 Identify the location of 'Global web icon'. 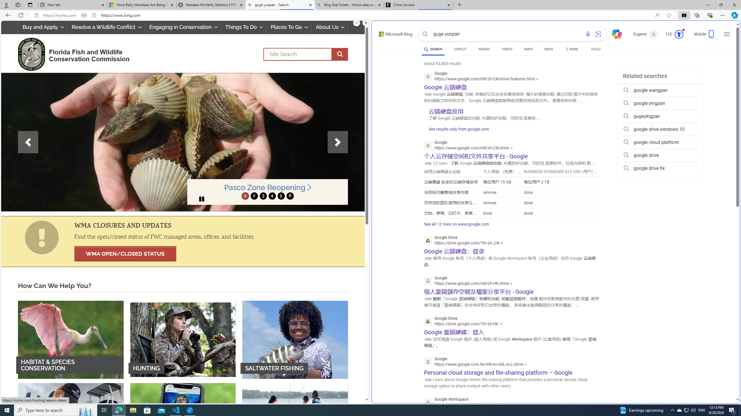
(428, 402).